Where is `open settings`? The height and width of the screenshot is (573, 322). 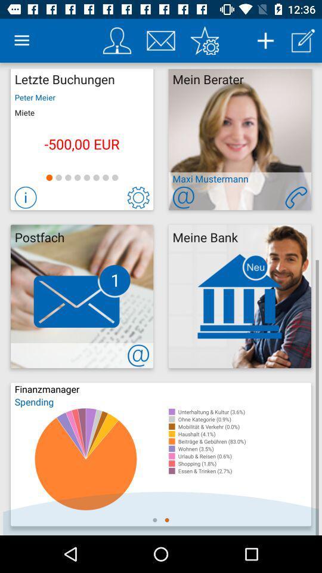
open settings is located at coordinates (204, 41).